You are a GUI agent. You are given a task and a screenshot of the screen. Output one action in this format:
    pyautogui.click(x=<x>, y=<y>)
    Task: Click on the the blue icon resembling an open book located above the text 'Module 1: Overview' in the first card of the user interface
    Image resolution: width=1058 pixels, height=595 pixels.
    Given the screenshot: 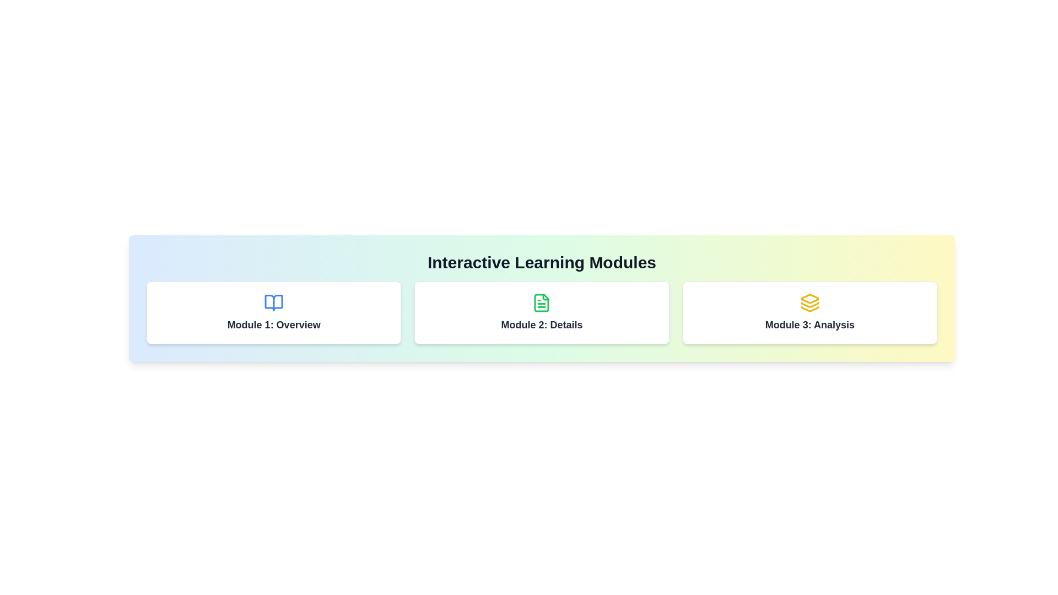 What is the action you would take?
    pyautogui.click(x=274, y=303)
    